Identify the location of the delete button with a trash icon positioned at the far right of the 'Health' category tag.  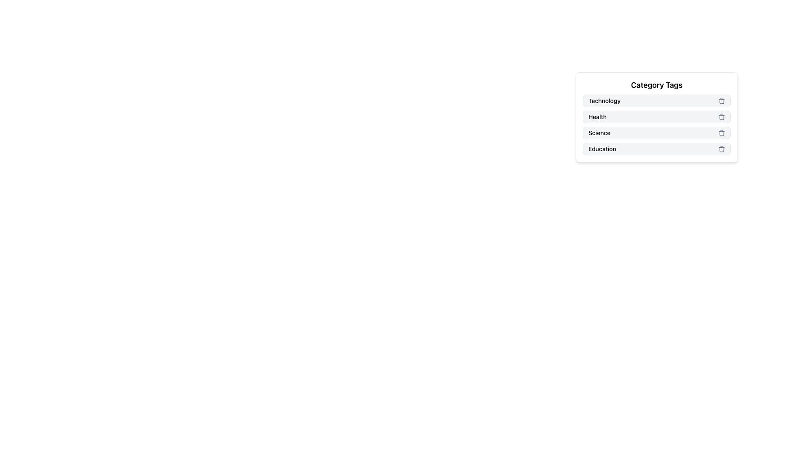
(721, 117).